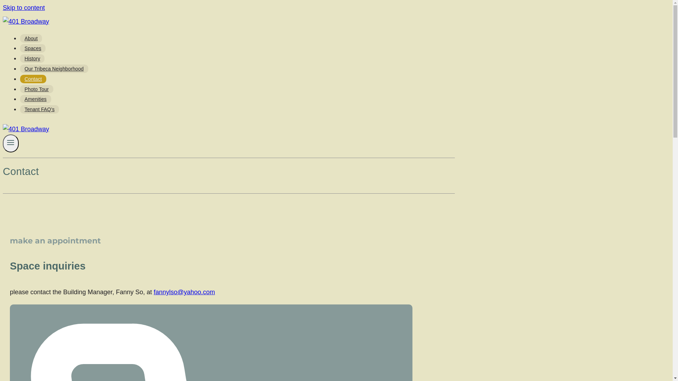  I want to click on 'Skip to content', so click(24, 8).